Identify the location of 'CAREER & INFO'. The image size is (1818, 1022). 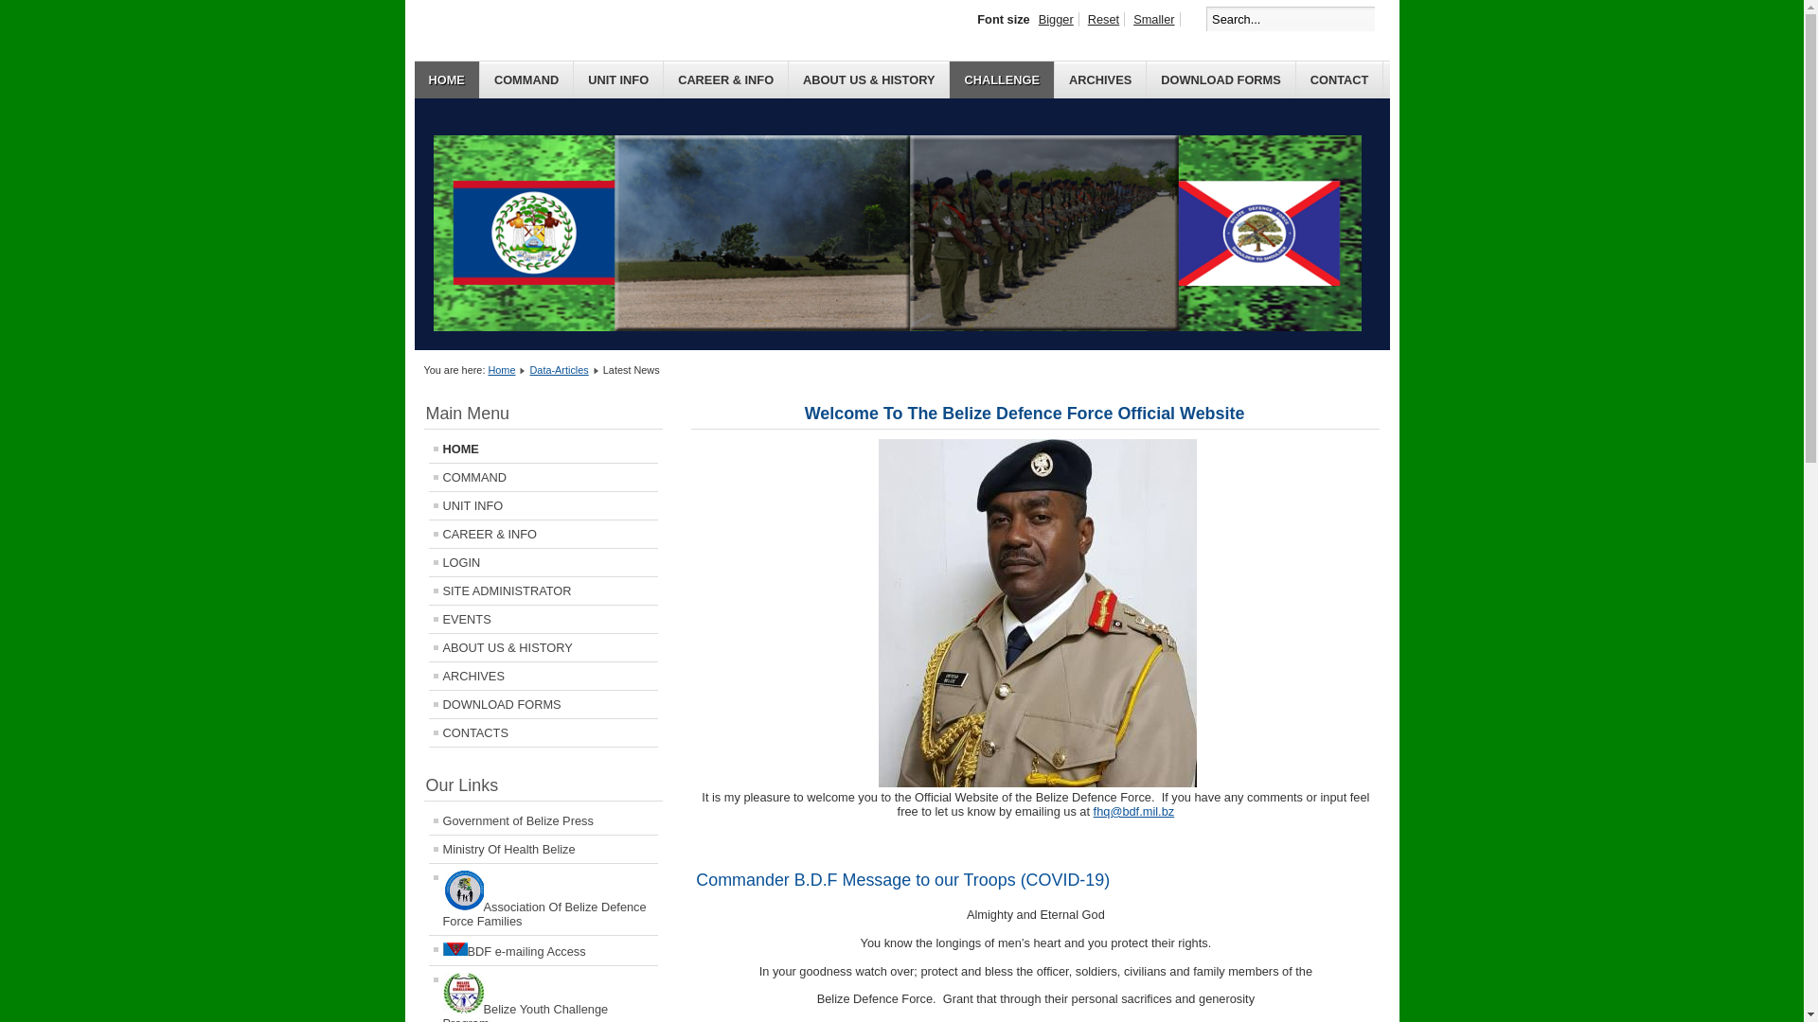
(542, 534).